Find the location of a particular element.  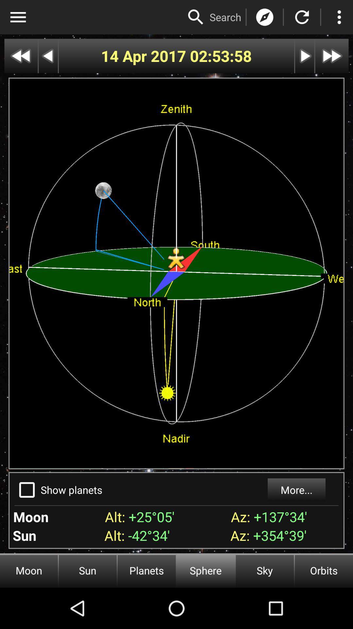

the av_rewind icon is located at coordinates (21, 56).